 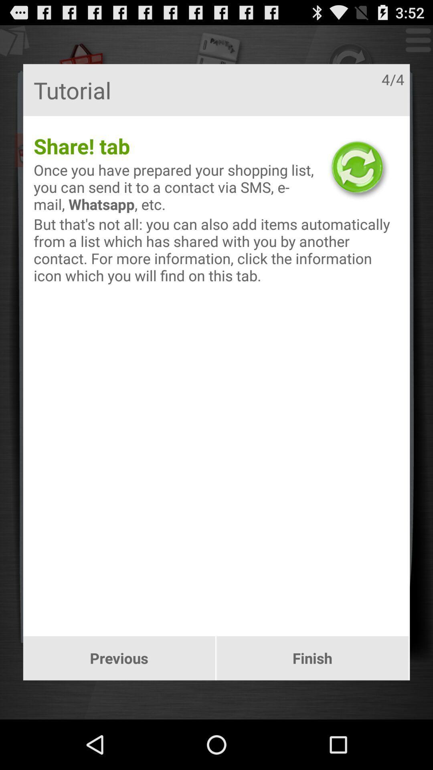 What do you see at coordinates (312, 658) in the screenshot?
I see `finish button` at bounding box center [312, 658].